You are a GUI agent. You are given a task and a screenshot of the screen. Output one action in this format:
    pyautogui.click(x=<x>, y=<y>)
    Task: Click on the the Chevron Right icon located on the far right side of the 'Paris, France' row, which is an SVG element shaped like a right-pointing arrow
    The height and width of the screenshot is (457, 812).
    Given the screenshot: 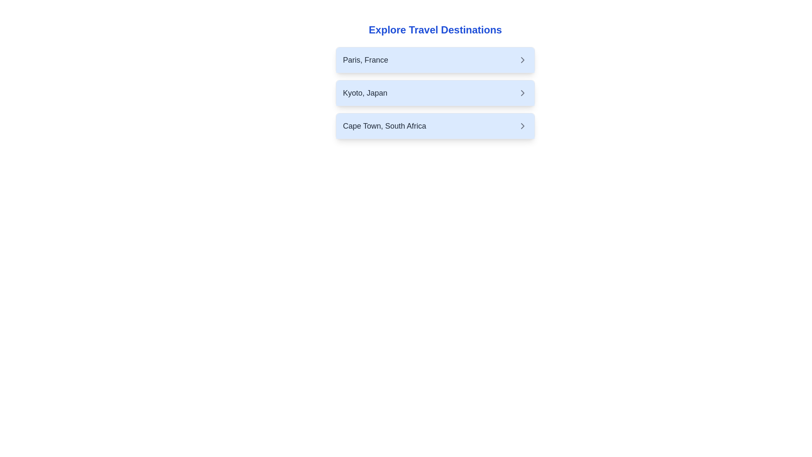 What is the action you would take?
    pyautogui.click(x=522, y=60)
    